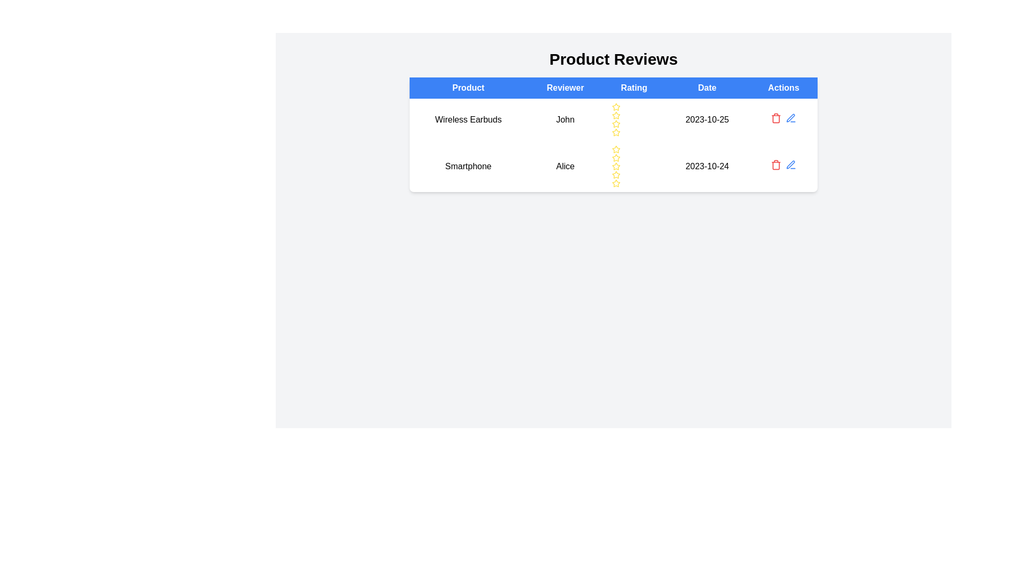  I want to click on the blue-colored header cell labeled 'Product' as the column header, so click(467, 87).